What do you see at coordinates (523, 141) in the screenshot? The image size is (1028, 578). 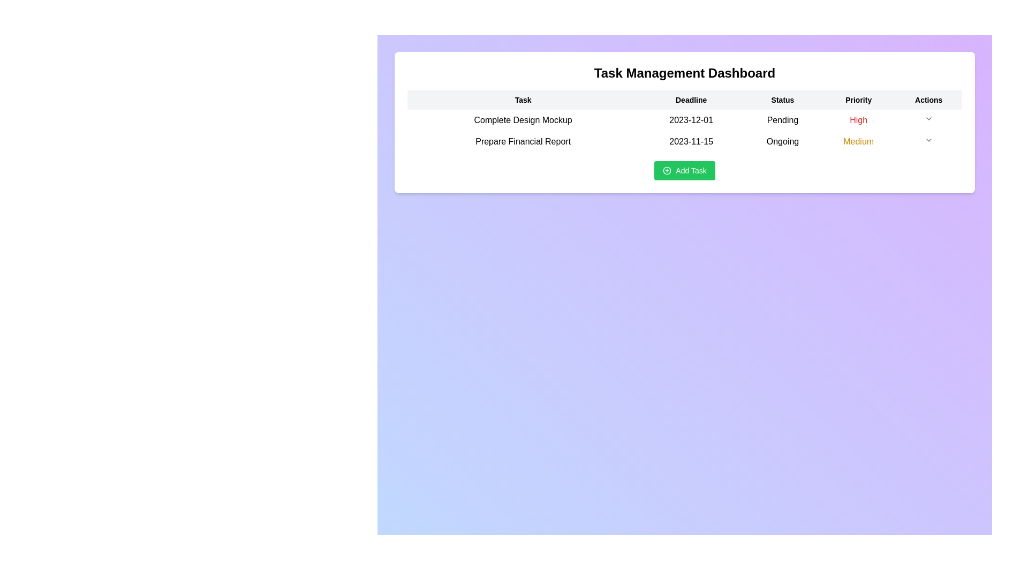 I see `the text label indicating the name of the task located in the second row of the table under the 'Task' column` at bounding box center [523, 141].